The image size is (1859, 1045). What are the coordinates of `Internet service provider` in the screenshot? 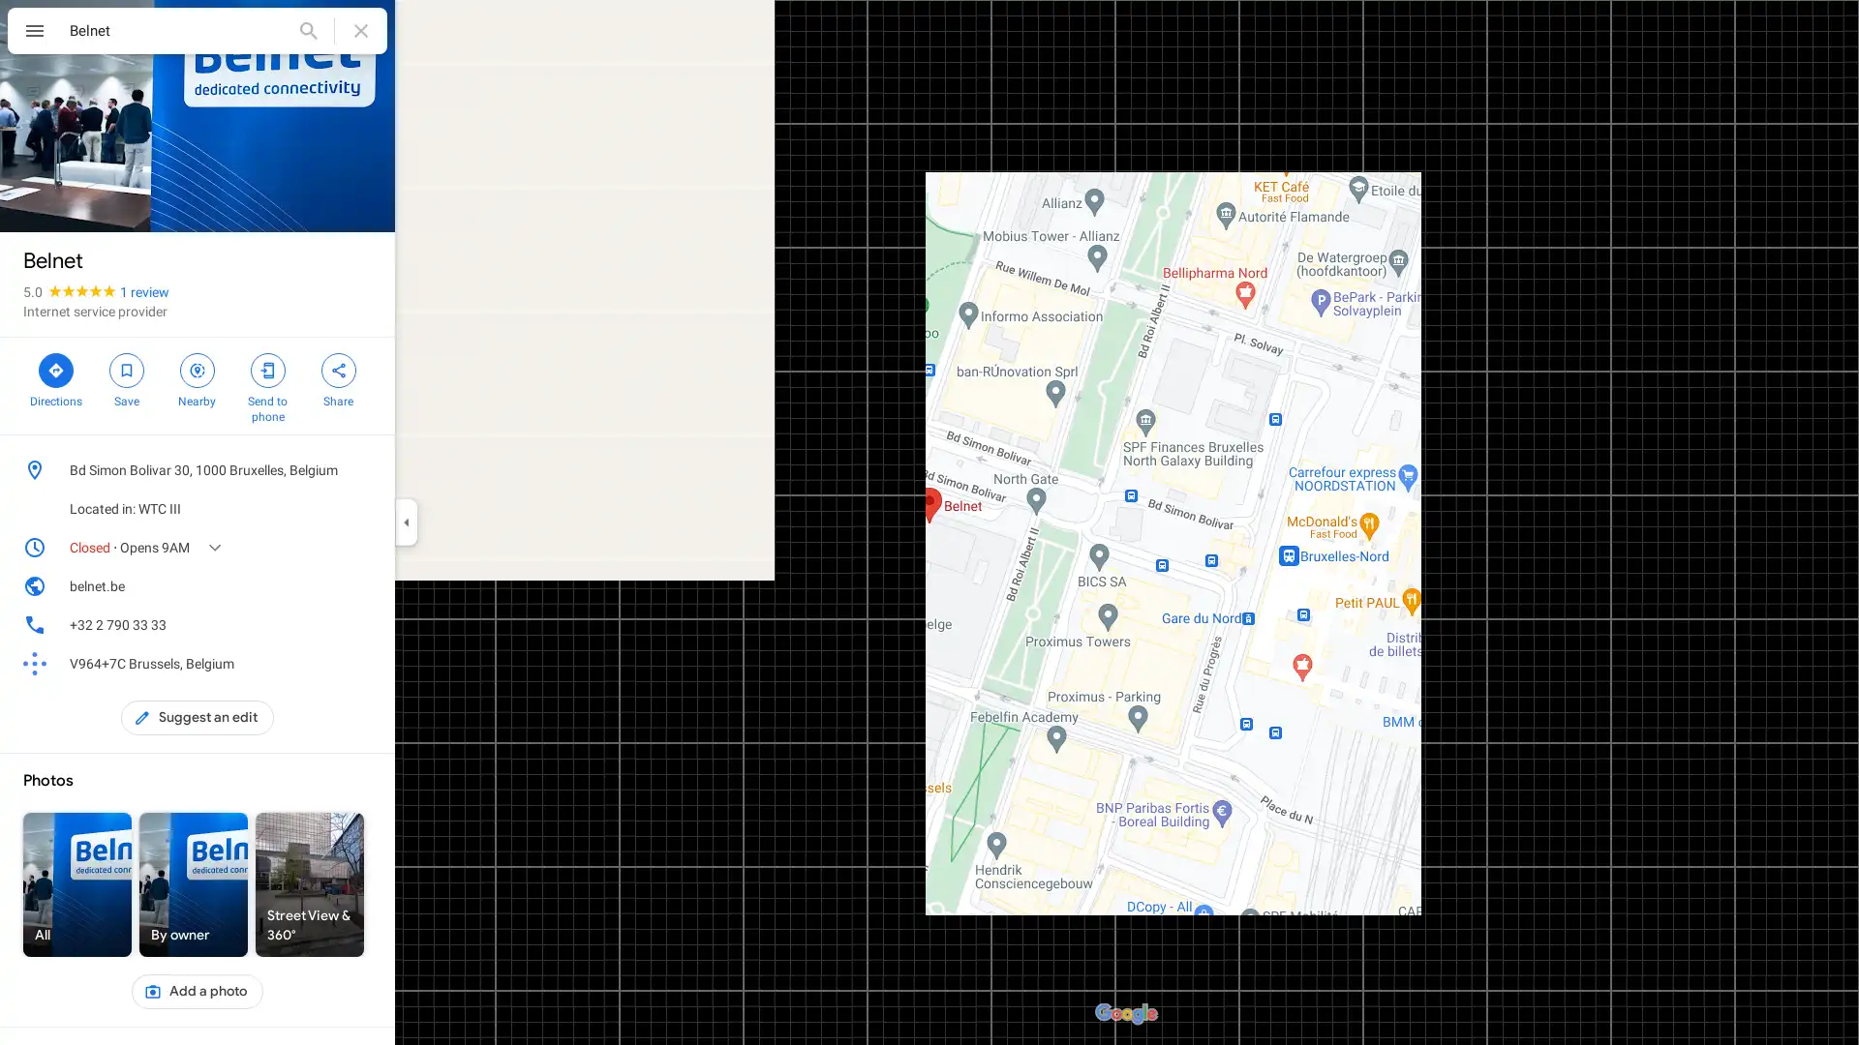 It's located at (94, 310).